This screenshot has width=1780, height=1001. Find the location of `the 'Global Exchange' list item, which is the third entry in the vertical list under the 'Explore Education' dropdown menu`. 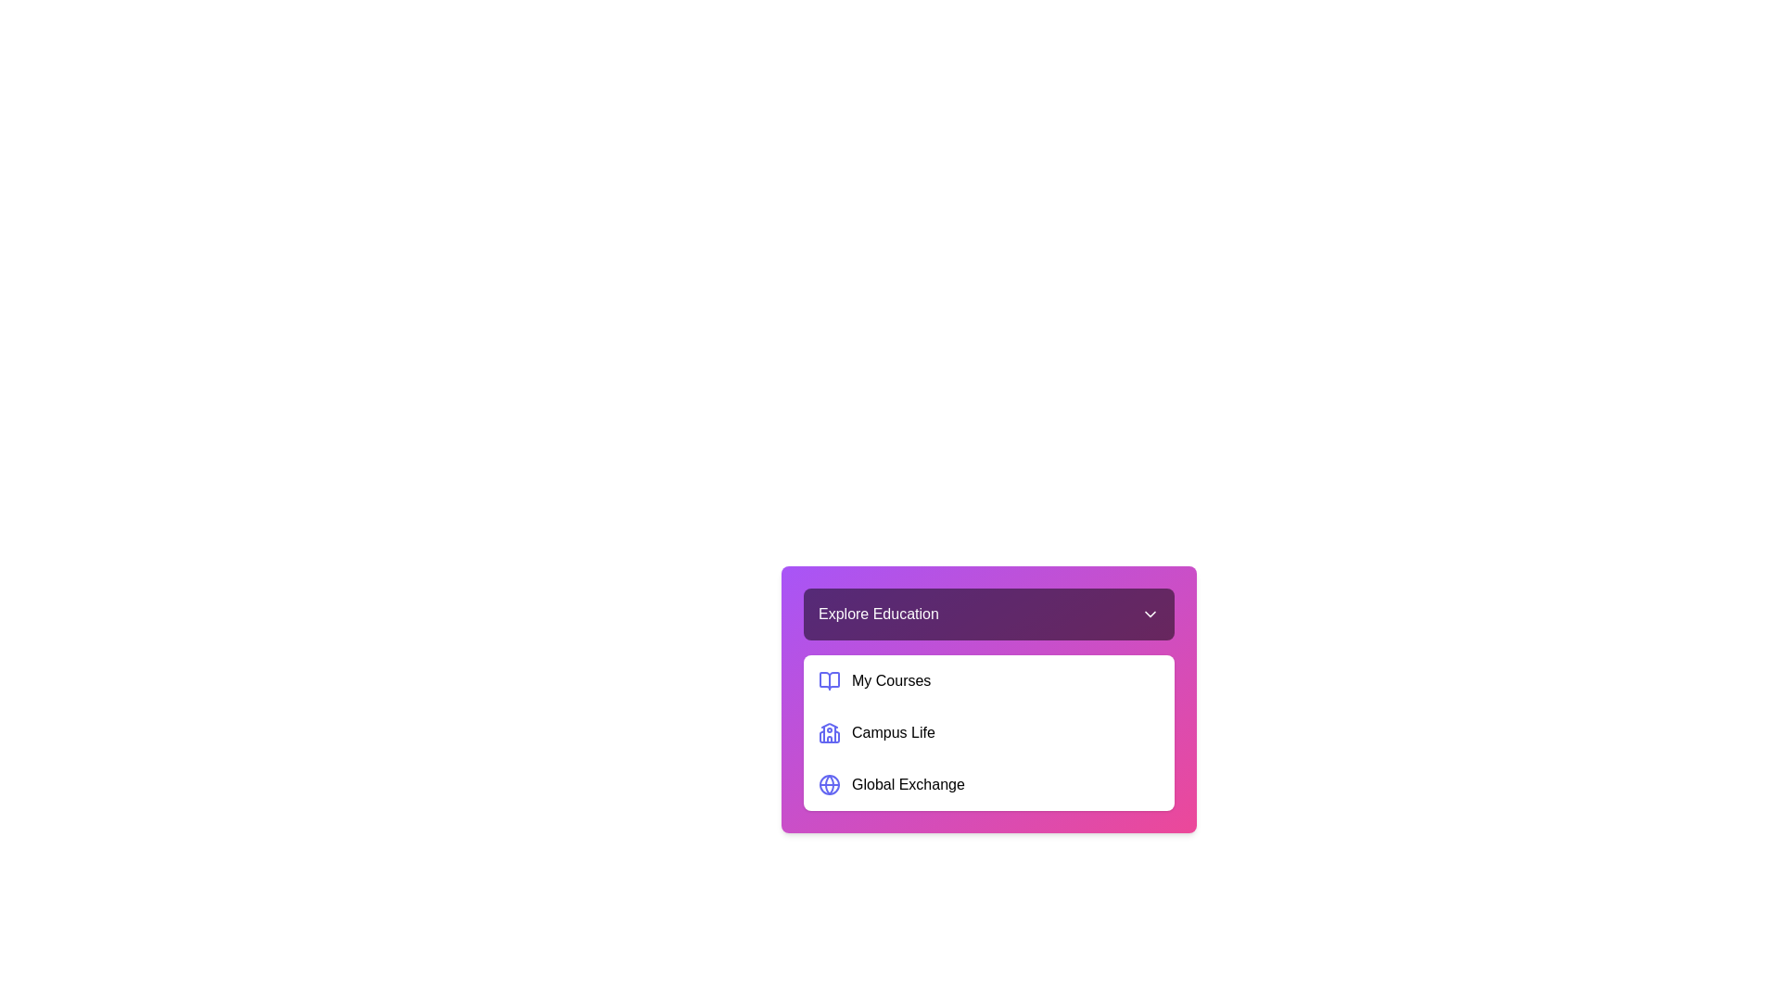

the 'Global Exchange' list item, which is the third entry in the vertical list under the 'Explore Education' dropdown menu is located at coordinates (987, 785).